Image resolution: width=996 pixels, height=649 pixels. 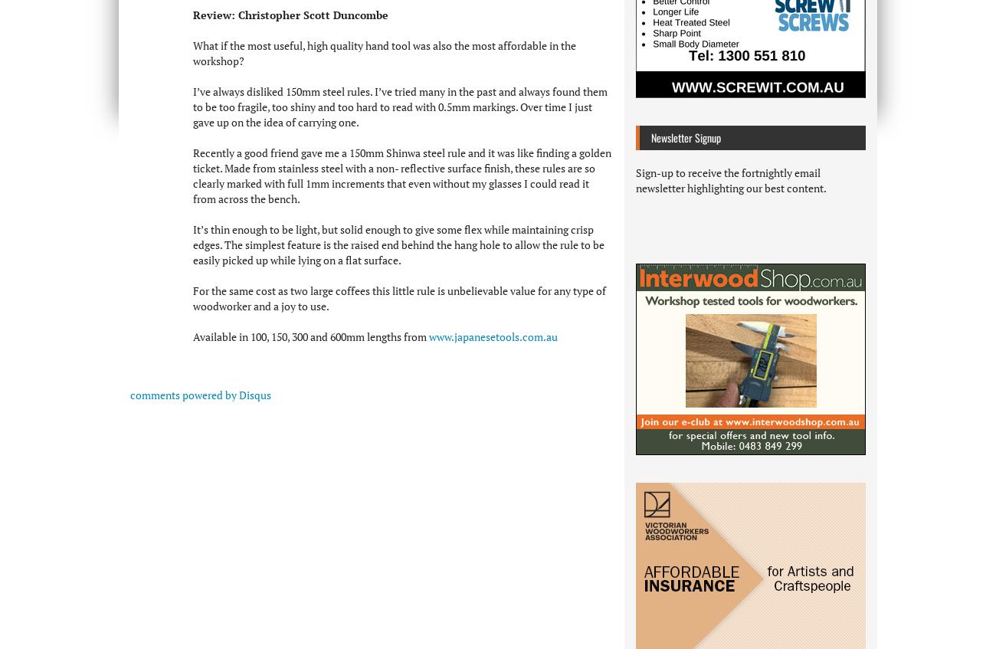 I want to click on 'Sign-up to receive the fortnightly email newsletter highlighting our best content.', so click(x=731, y=180).